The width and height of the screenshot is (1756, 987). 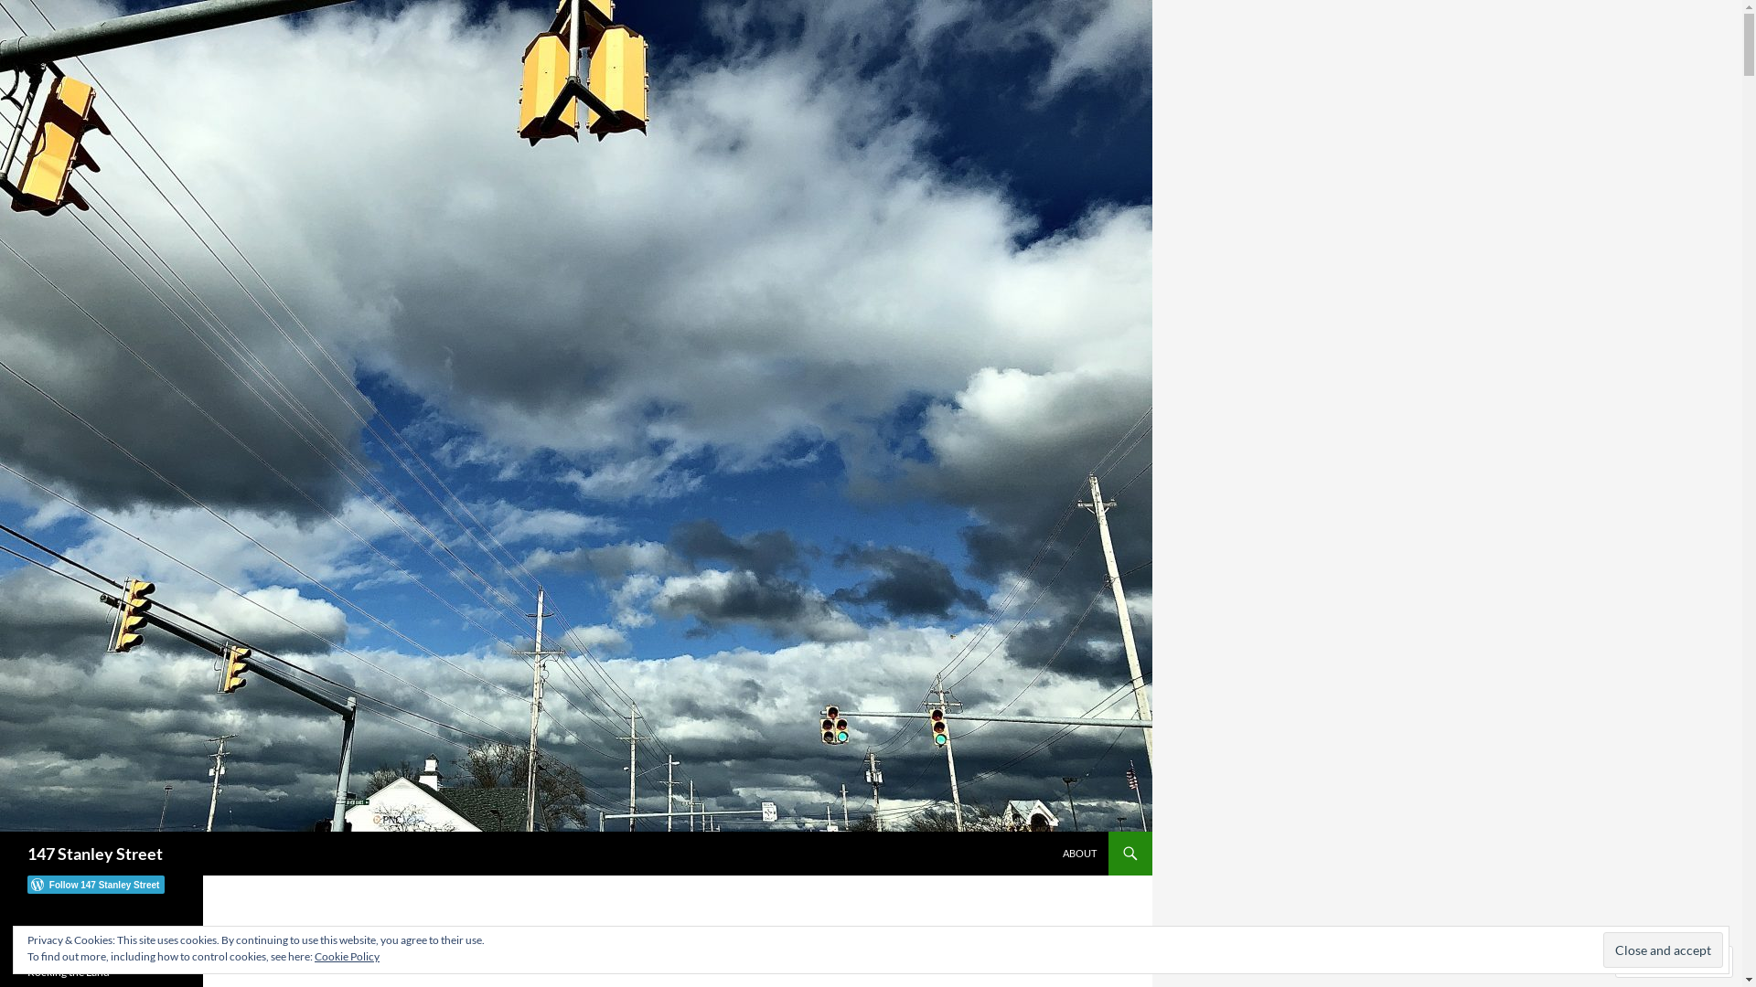 I want to click on 'ABOUT', so click(x=1079, y=853).